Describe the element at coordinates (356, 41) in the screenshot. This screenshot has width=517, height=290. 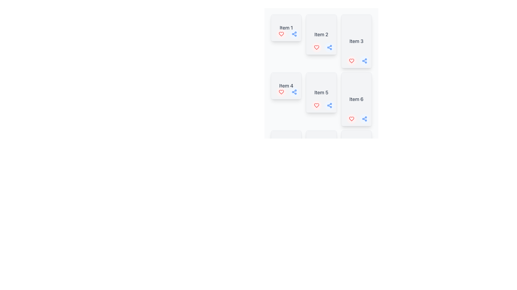
I see `the card labeled 'Item 3' in the grid layout, which has a light gray background, rounded corners, and contains the text 'Item 3' along with interactive icons at the bottom` at that location.